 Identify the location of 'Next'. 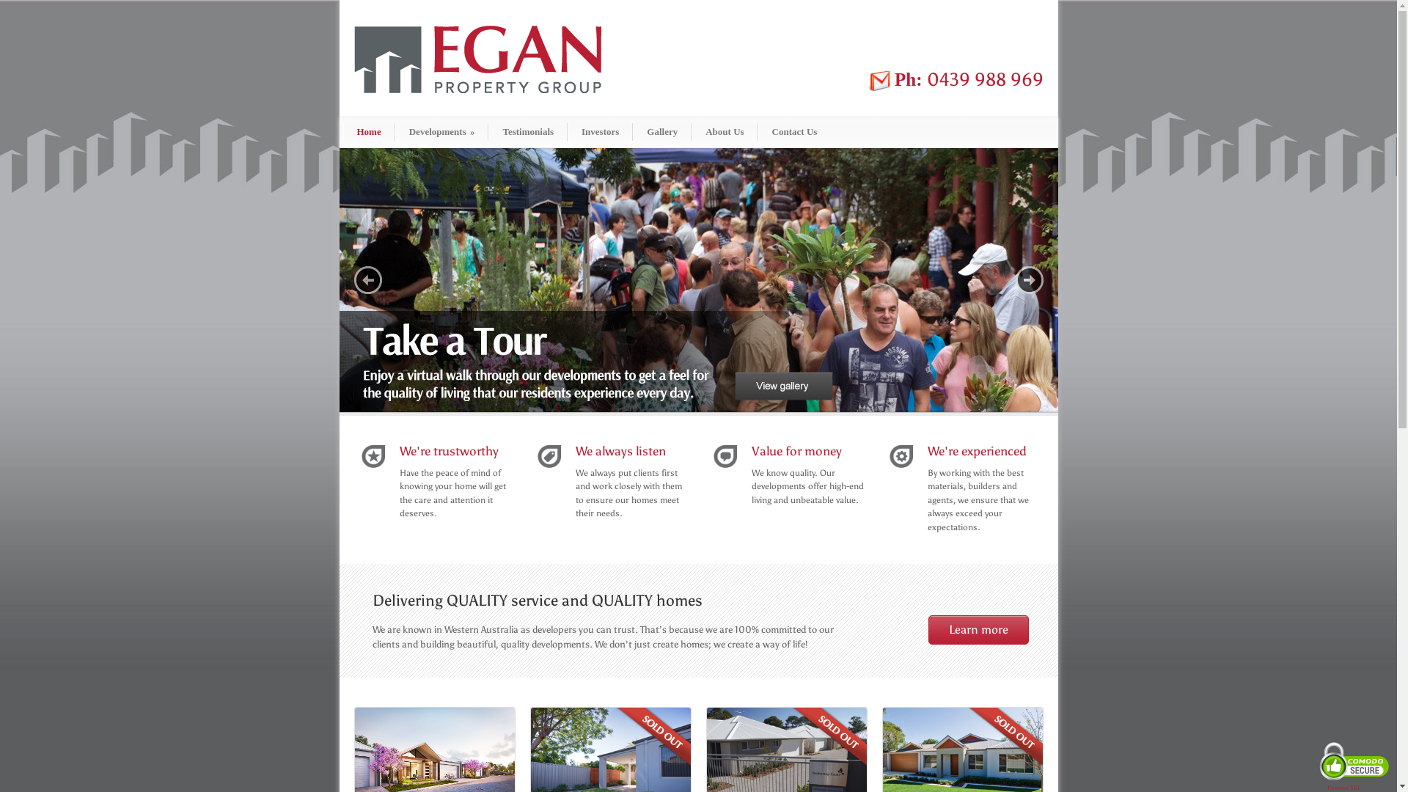
(1013, 279).